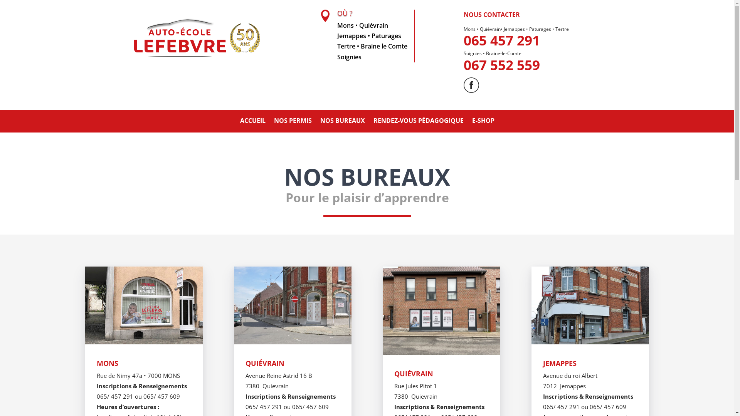 The height and width of the screenshot is (416, 740). What do you see at coordinates (342, 121) in the screenshot?
I see `'NOS BUREAUX'` at bounding box center [342, 121].